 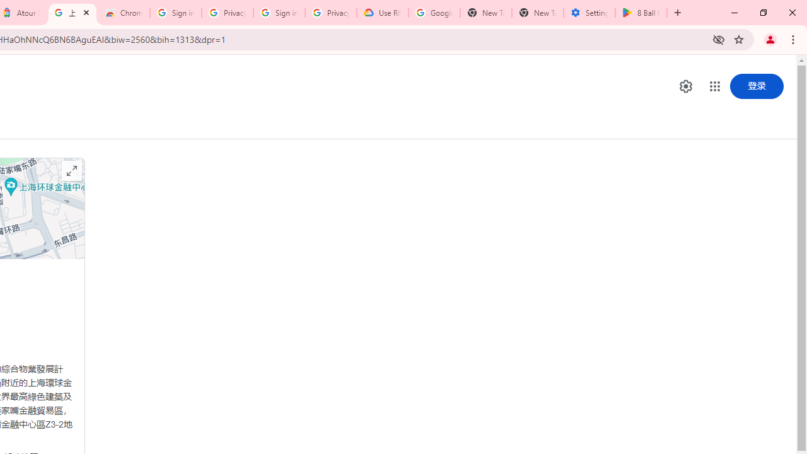 I want to click on 'Settings - System', so click(x=589, y=13).